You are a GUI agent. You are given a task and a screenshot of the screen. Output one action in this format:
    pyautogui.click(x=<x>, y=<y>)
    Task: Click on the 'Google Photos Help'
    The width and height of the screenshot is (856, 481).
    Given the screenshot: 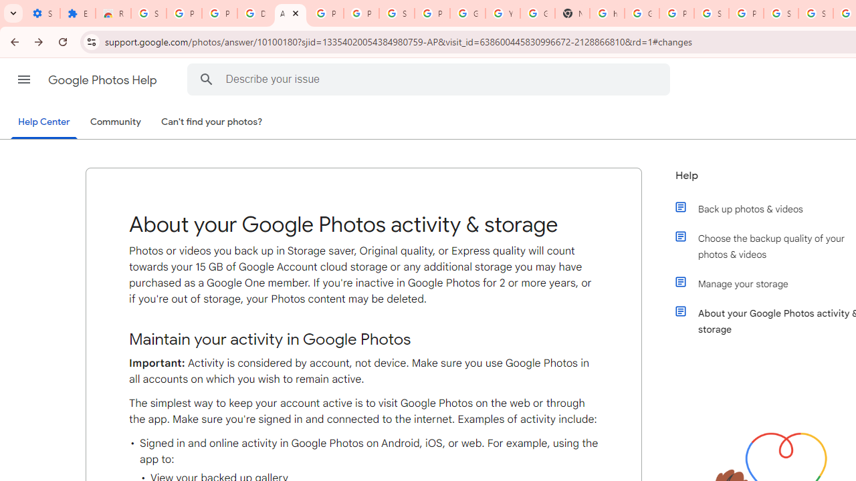 What is the action you would take?
    pyautogui.click(x=103, y=79)
    